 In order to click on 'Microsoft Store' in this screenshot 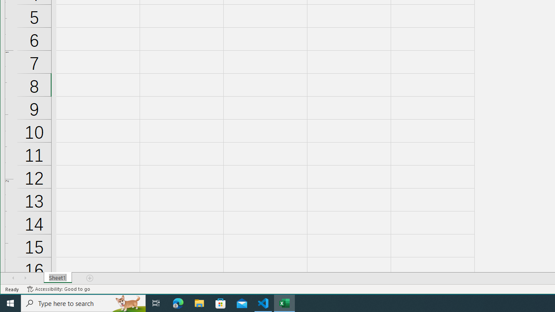, I will do `click(221, 302)`.